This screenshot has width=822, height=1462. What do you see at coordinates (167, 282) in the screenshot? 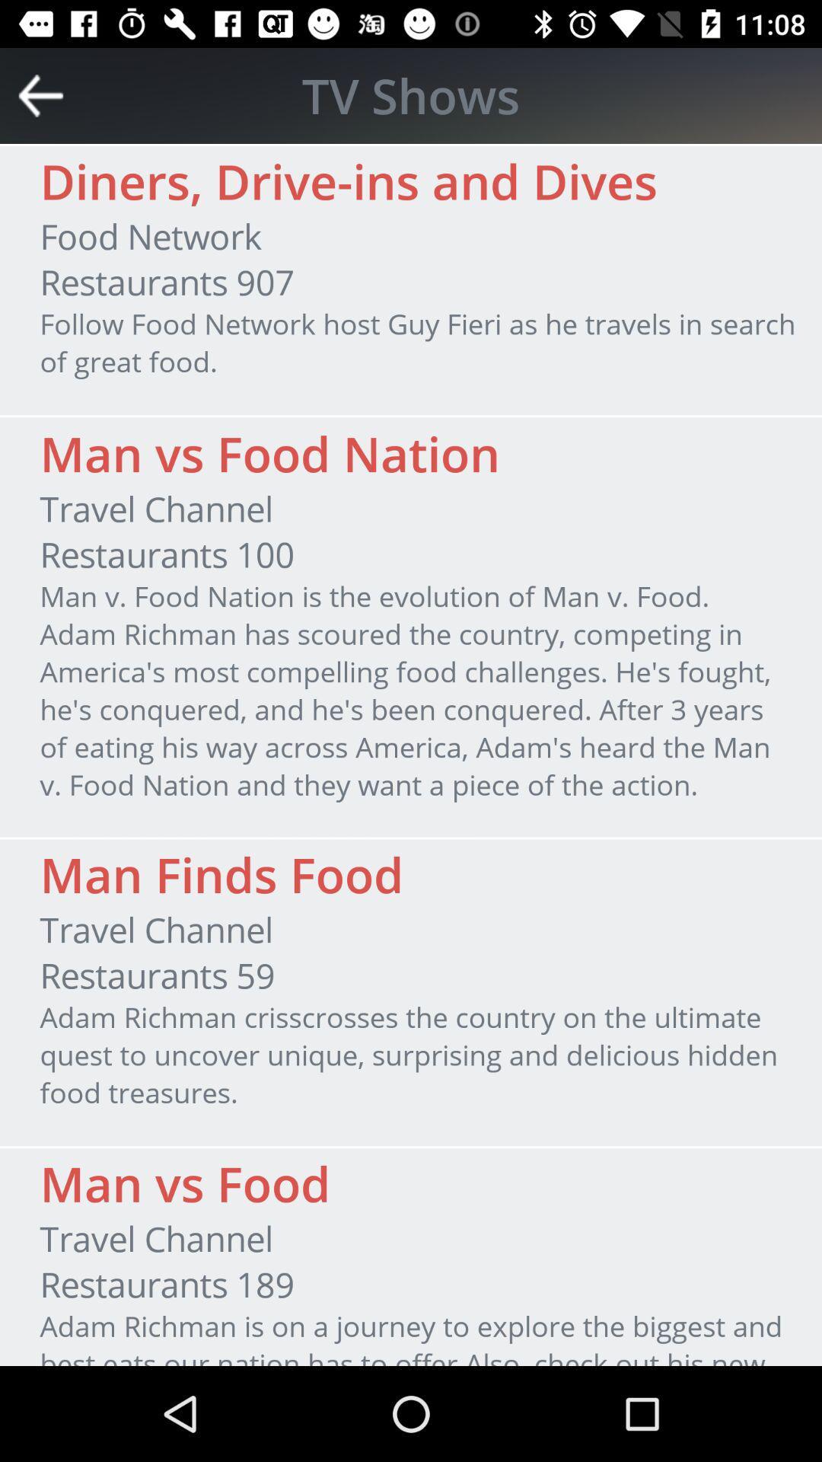
I see `restaurants 907` at bounding box center [167, 282].